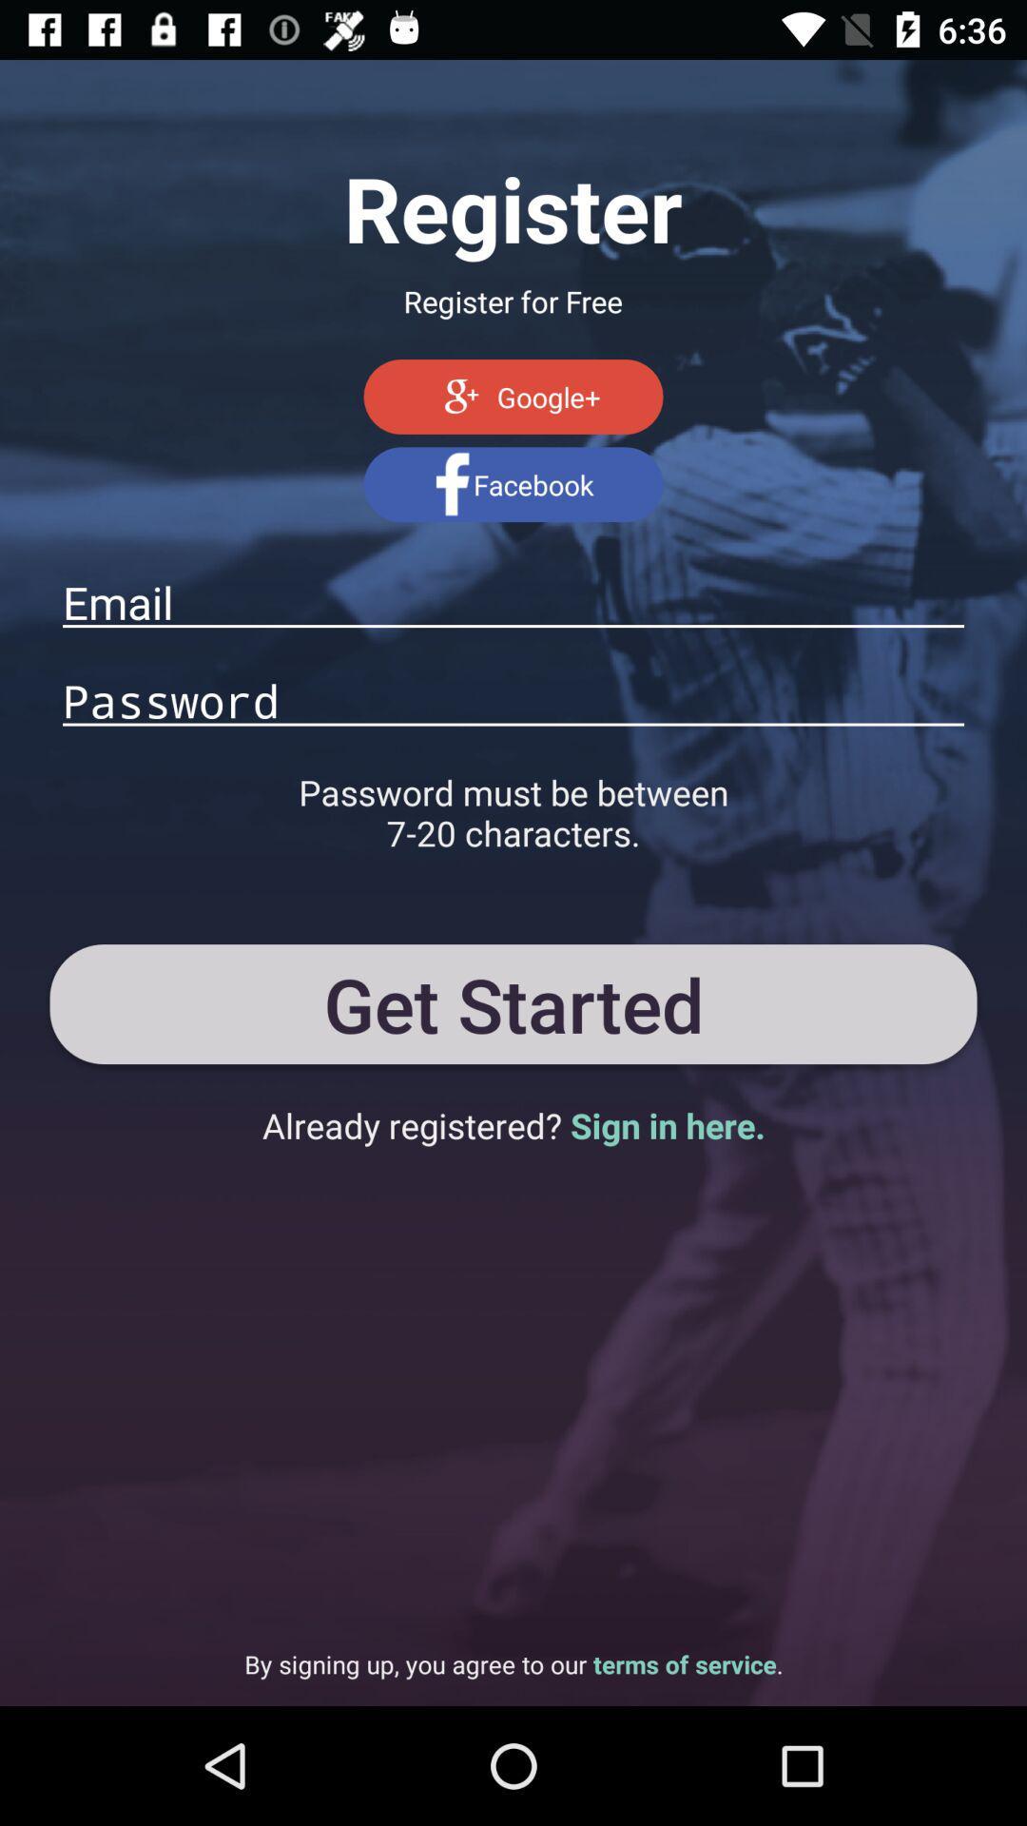  I want to click on the by signing up icon, so click(513, 1663).